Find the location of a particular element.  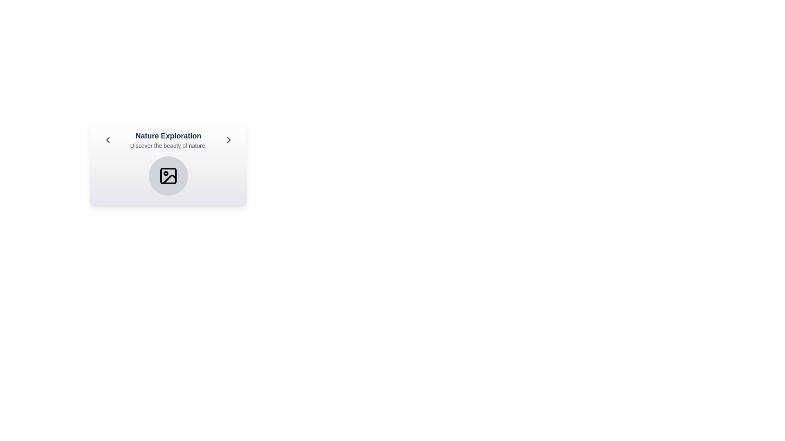

the leftward-pointing chevron icon located on the left side of the 'Nature Exploration' module to trigger a tooltip or visual feedback is located at coordinates (108, 140).